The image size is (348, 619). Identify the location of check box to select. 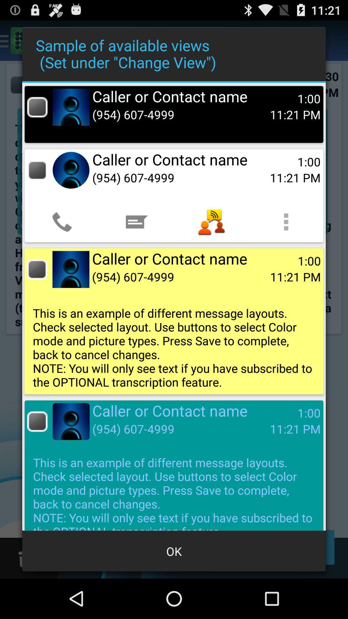
(37, 269).